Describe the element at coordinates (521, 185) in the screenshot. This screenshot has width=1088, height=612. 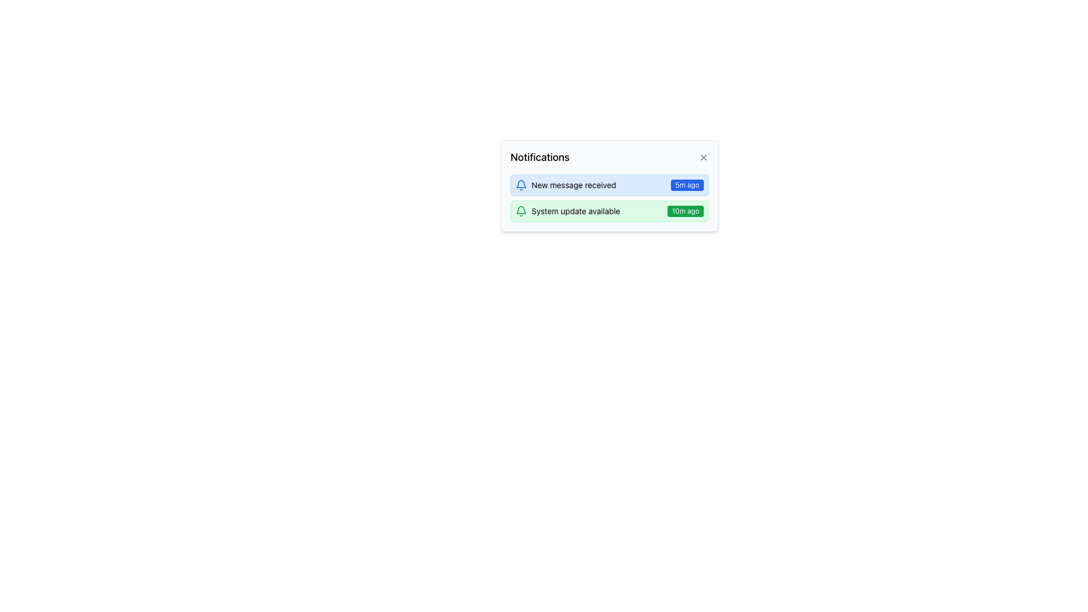
I see `the message alert icon located in the topmost notification card, which is positioned to the far left of the text 'New message received'` at that location.